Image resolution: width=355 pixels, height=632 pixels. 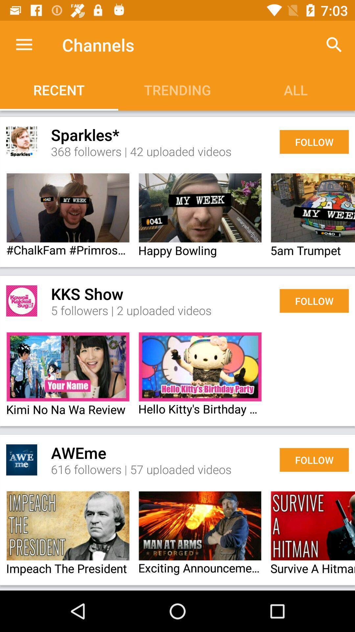 I want to click on the app next to the channels icon, so click(x=334, y=44).